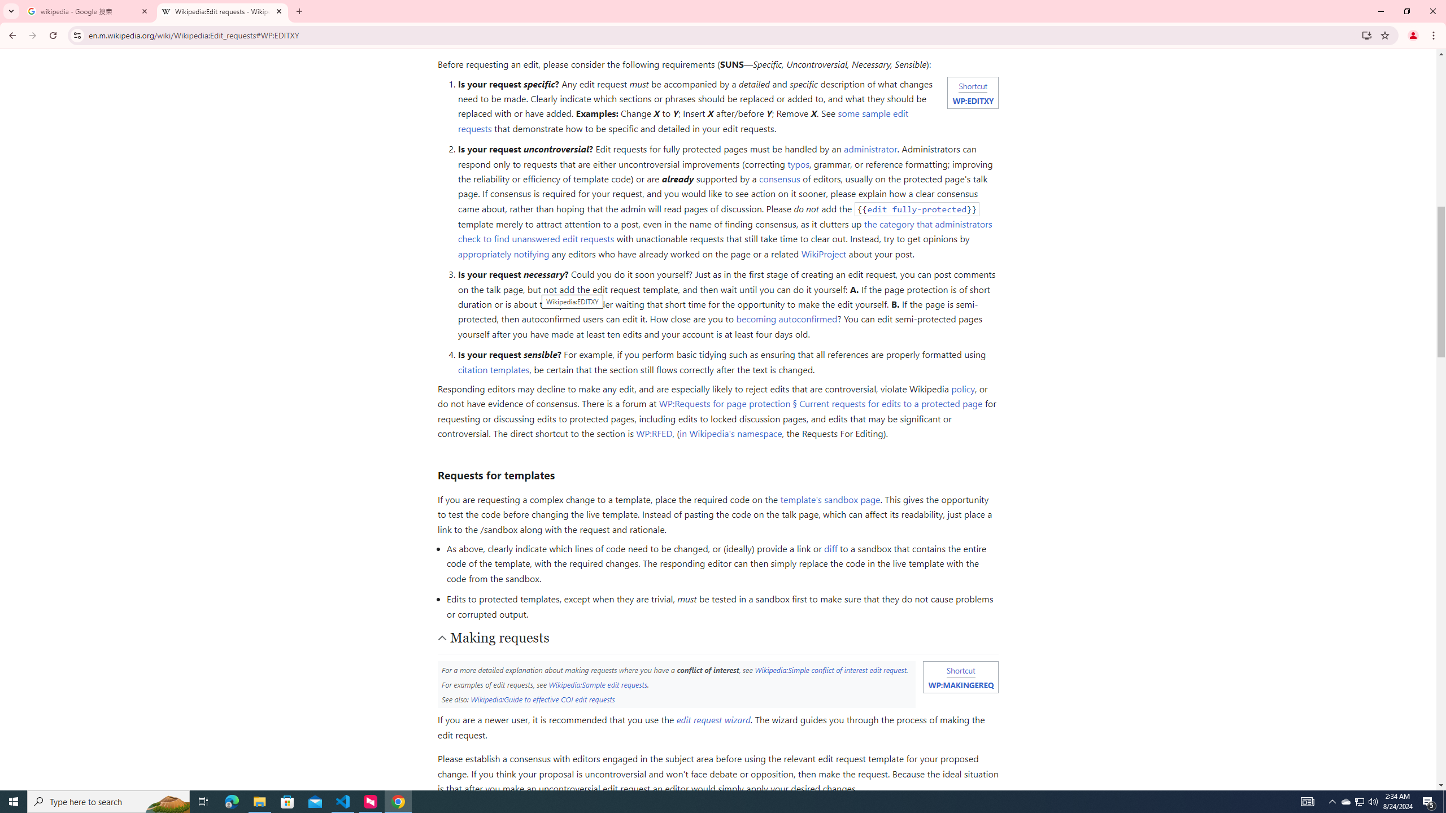 This screenshot has height=813, width=1446. I want to click on 'appropriately notifying', so click(502, 253).